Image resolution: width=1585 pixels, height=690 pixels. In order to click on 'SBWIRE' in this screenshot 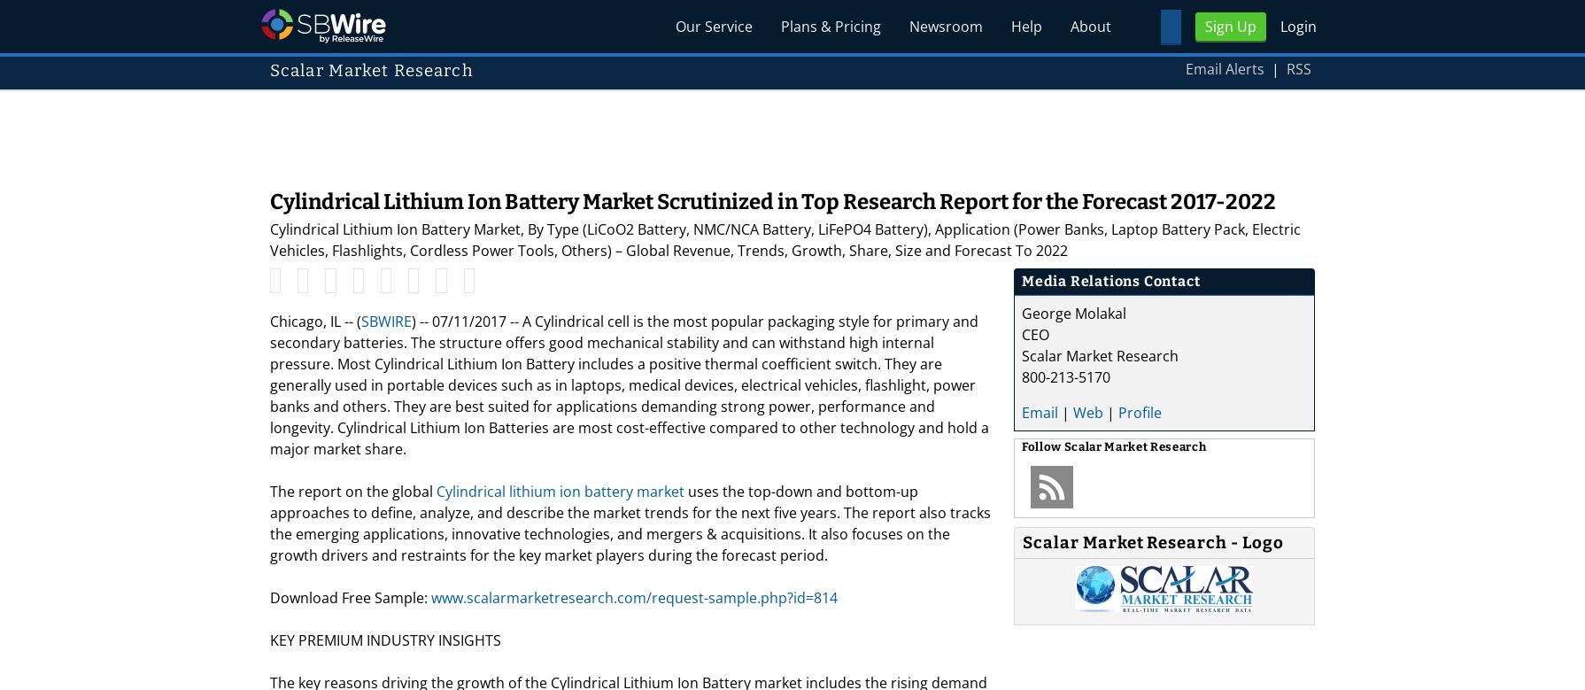, I will do `click(360, 322)`.